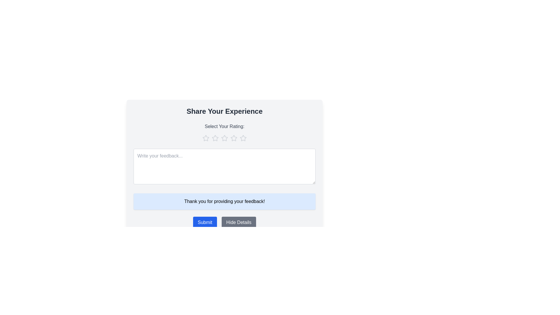 The width and height of the screenshot is (560, 315). Describe the element at coordinates (205, 223) in the screenshot. I see `the blue 'Submit' button with white text` at that location.